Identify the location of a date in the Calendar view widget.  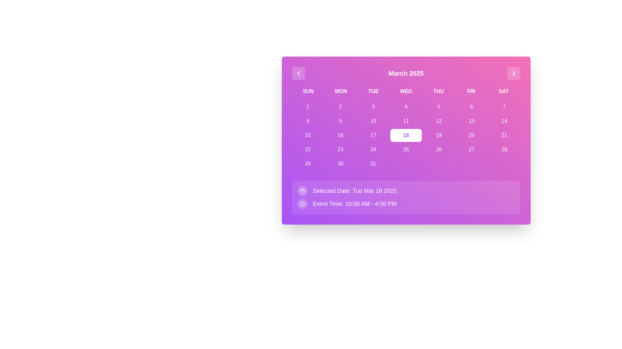
(406, 140).